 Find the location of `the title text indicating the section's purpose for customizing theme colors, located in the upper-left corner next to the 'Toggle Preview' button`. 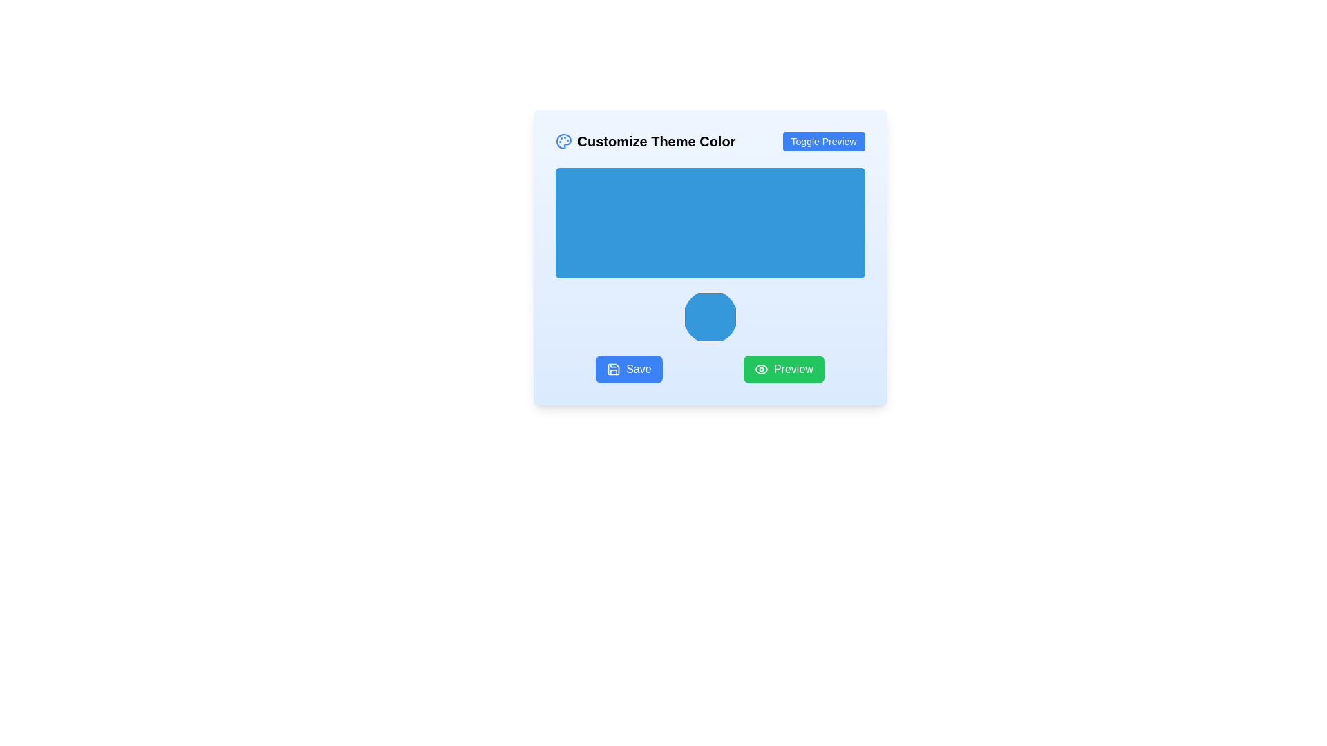

the title text indicating the section's purpose for customizing theme colors, located in the upper-left corner next to the 'Toggle Preview' button is located at coordinates (644, 141).